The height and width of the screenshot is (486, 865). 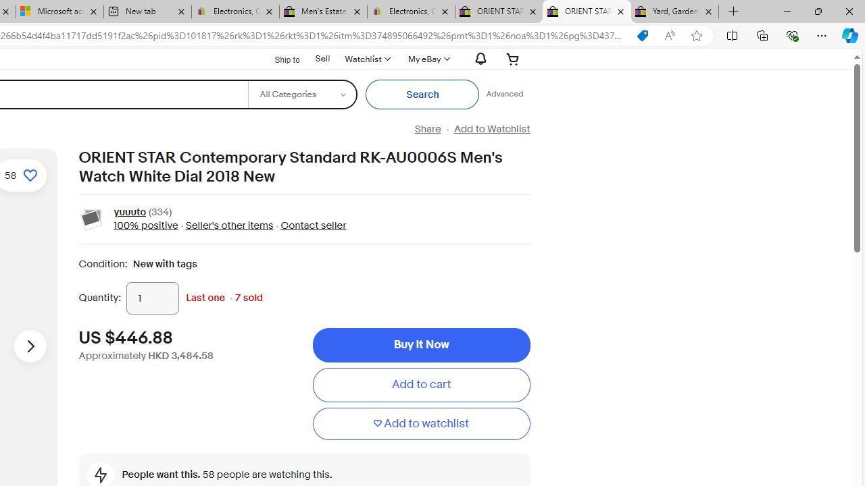 I want to click on 'Next image - Item images thumbnails', so click(x=30, y=345).